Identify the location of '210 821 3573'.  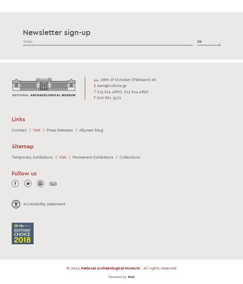
(108, 97).